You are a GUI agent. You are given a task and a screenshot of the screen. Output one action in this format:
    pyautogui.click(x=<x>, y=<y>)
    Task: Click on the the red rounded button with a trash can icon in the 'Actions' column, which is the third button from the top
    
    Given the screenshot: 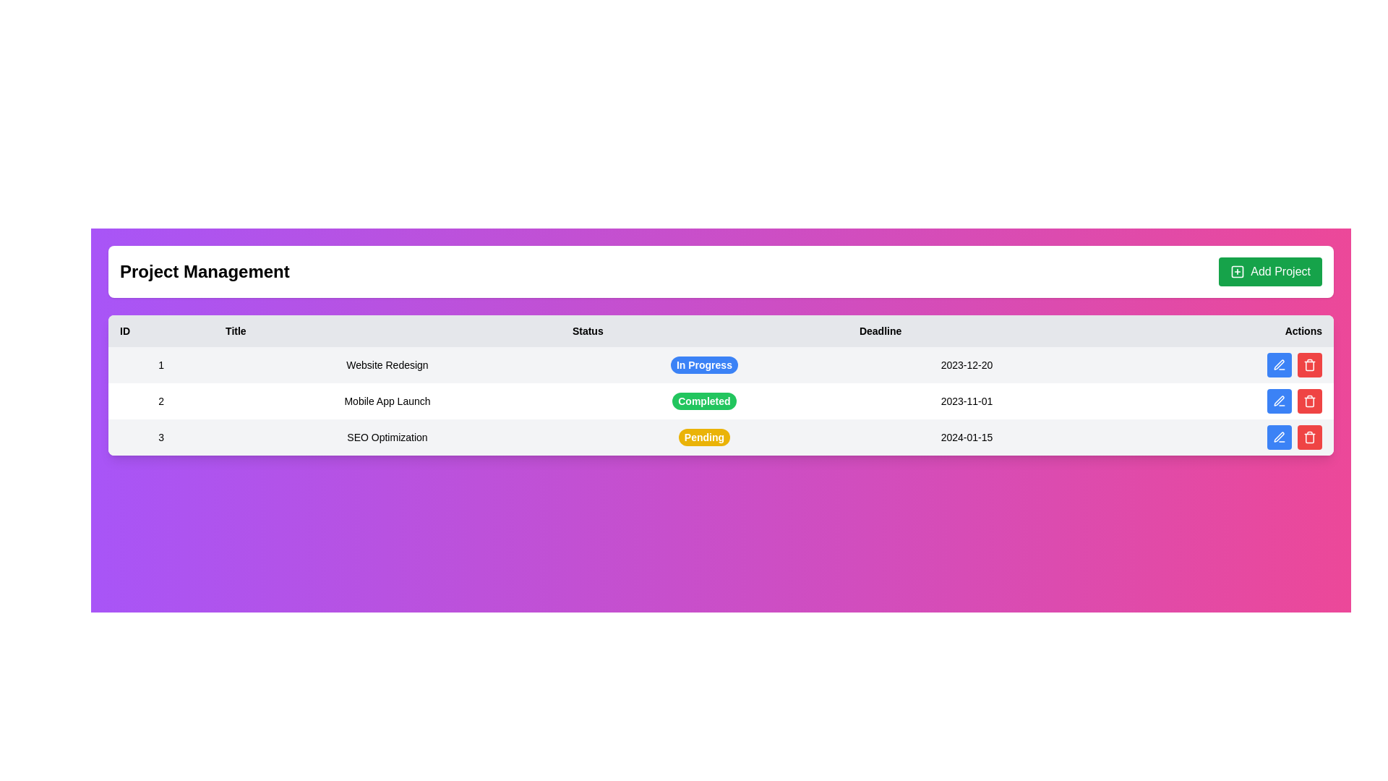 What is the action you would take?
    pyautogui.click(x=1309, y=437)
    